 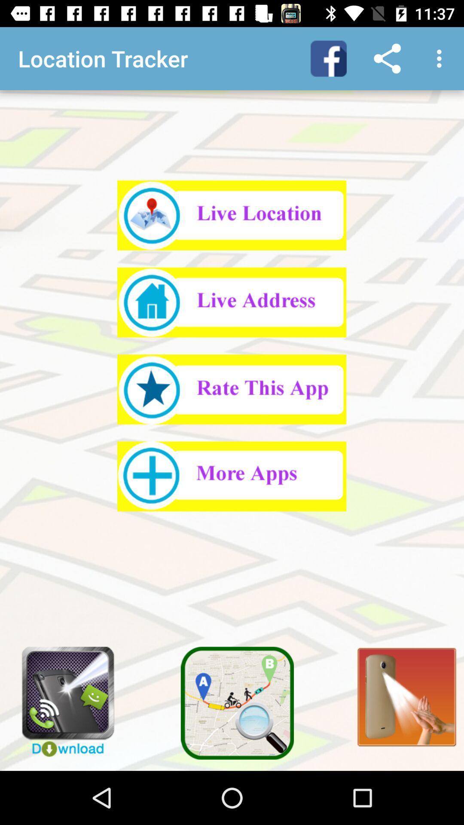 What do you see at coordinates (231, 389) in the screenshot?
I see `rate the application` at bounding box center [231, 389].